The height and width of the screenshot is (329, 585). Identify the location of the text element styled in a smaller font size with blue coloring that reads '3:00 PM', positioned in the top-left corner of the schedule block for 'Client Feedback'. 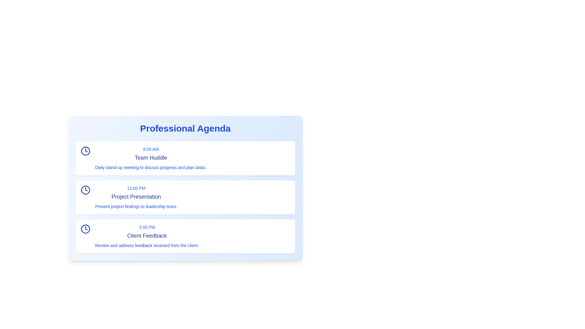
(147, 227).